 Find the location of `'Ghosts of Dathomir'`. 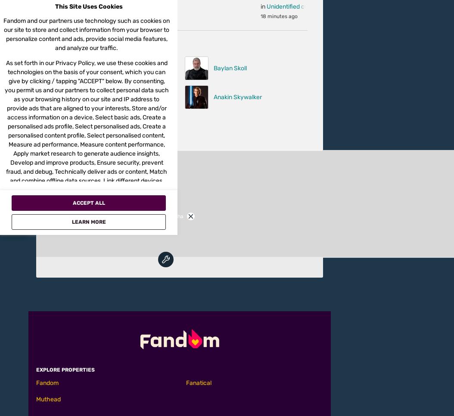

'Ghosts of Dathomir' is located at coordinates (92, 159).